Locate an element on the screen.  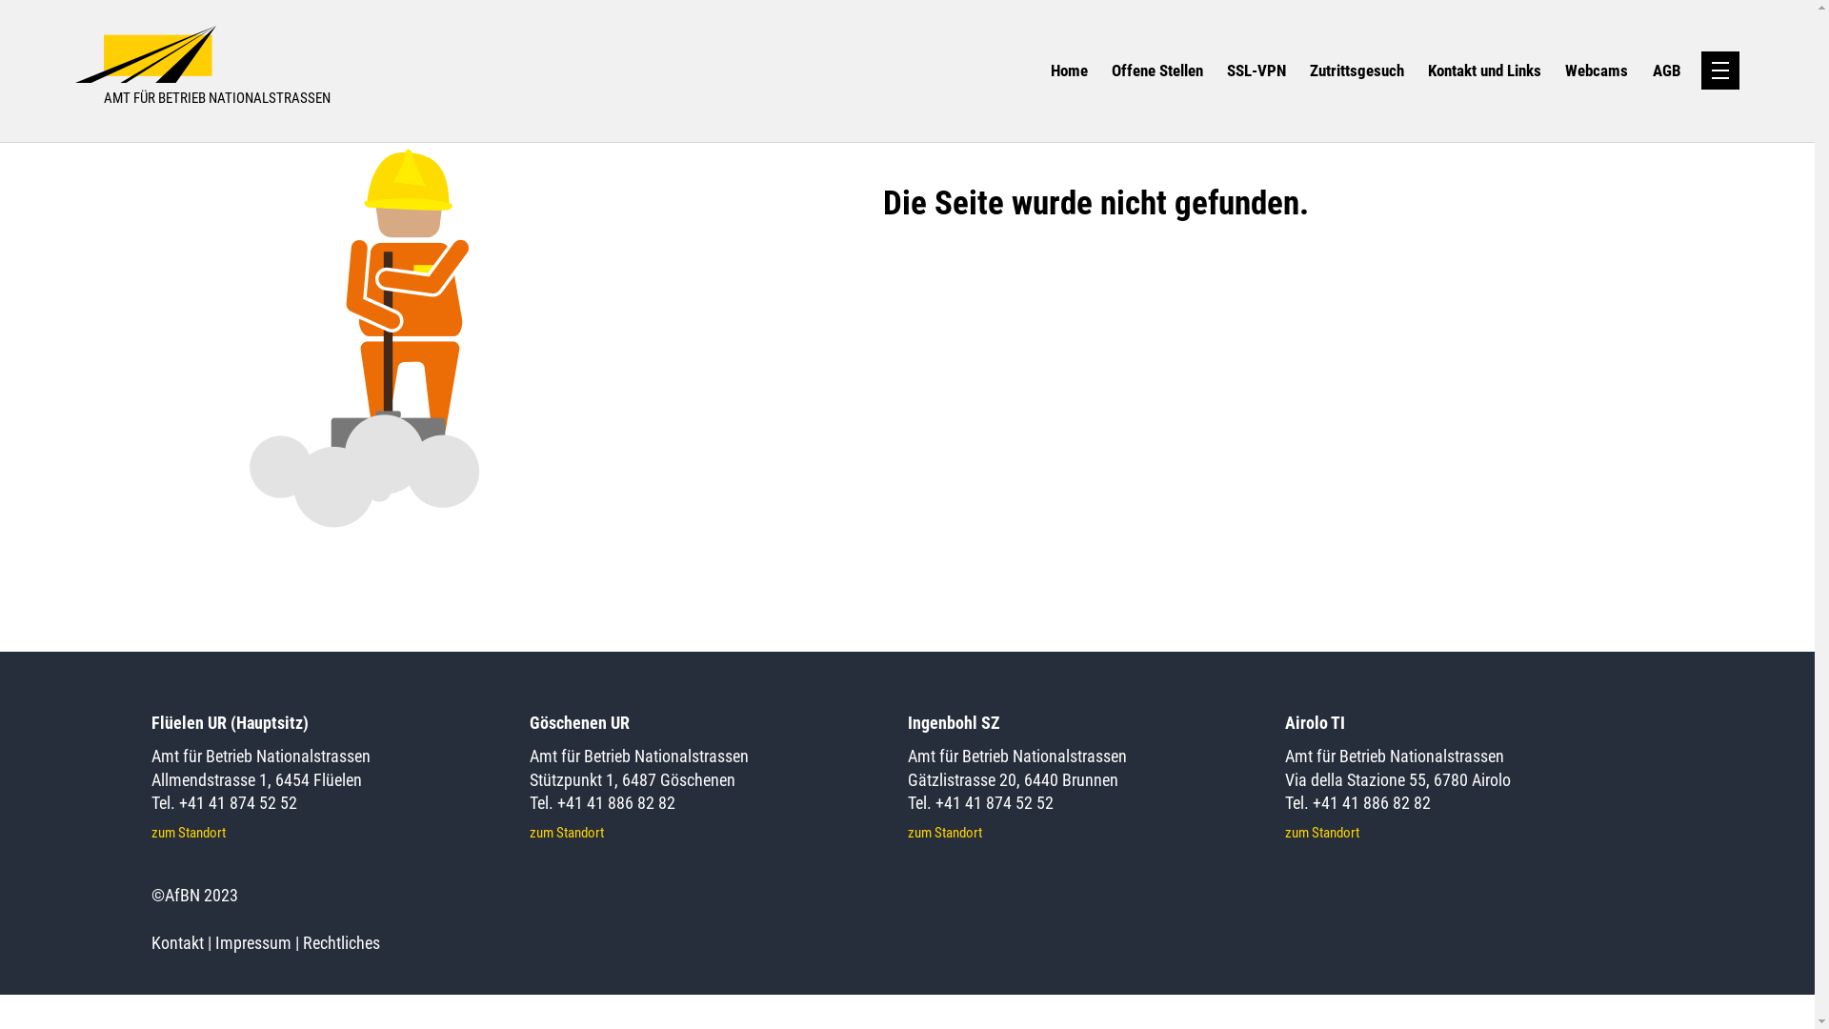
'Rechtliches' is located at coordinates (341, 943).